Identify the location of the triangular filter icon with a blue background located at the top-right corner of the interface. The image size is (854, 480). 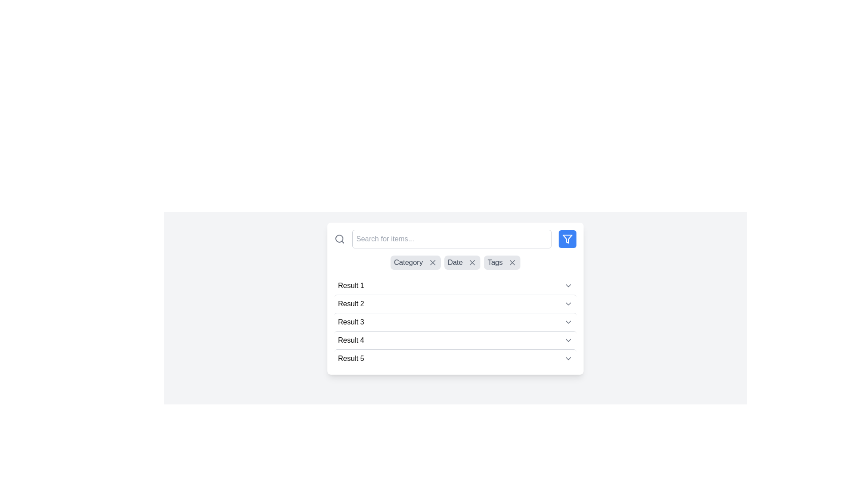
(567, 238).